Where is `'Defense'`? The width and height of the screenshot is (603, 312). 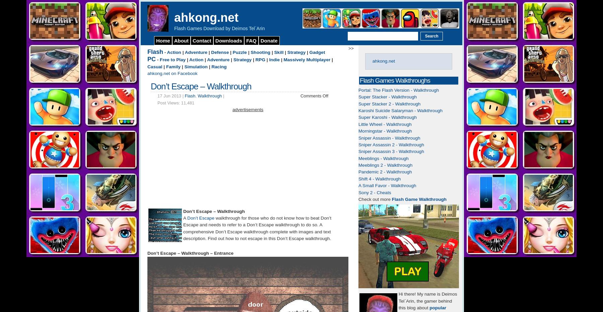 'Defense' is located at coordinates (220, 52).